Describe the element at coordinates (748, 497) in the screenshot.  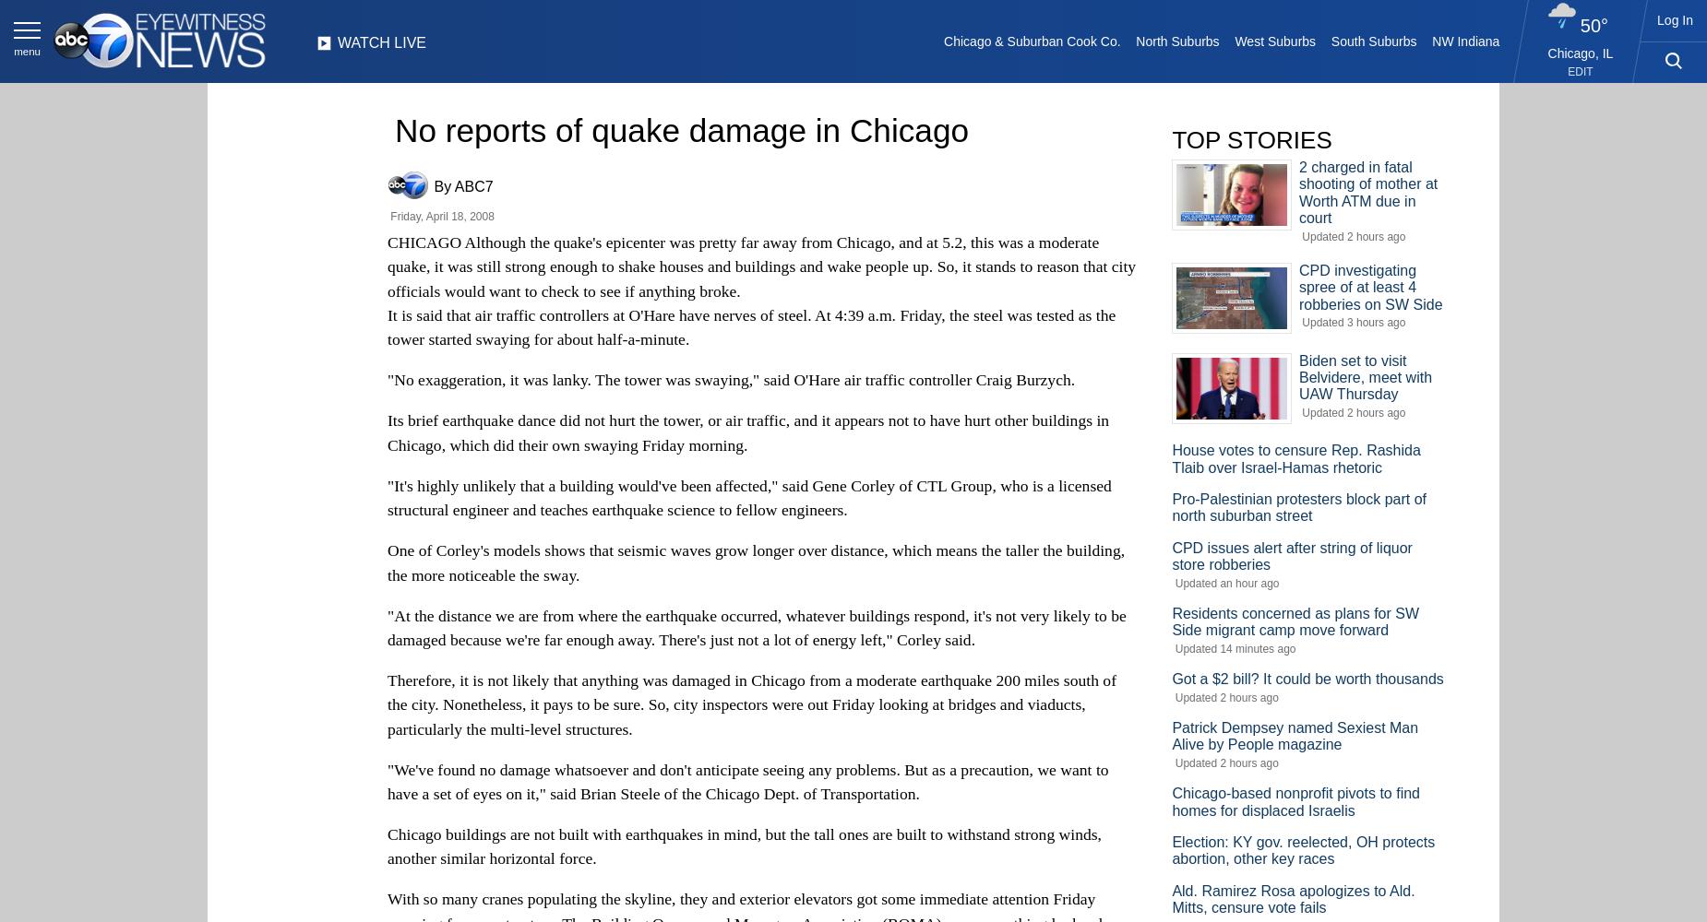
I see `'"It's highly unlikely that a building would've been affected," said Gene Corley of CTL Group, who is a licensed structural engineer and teaches earthquake science to fellow engineers.'` at that location.